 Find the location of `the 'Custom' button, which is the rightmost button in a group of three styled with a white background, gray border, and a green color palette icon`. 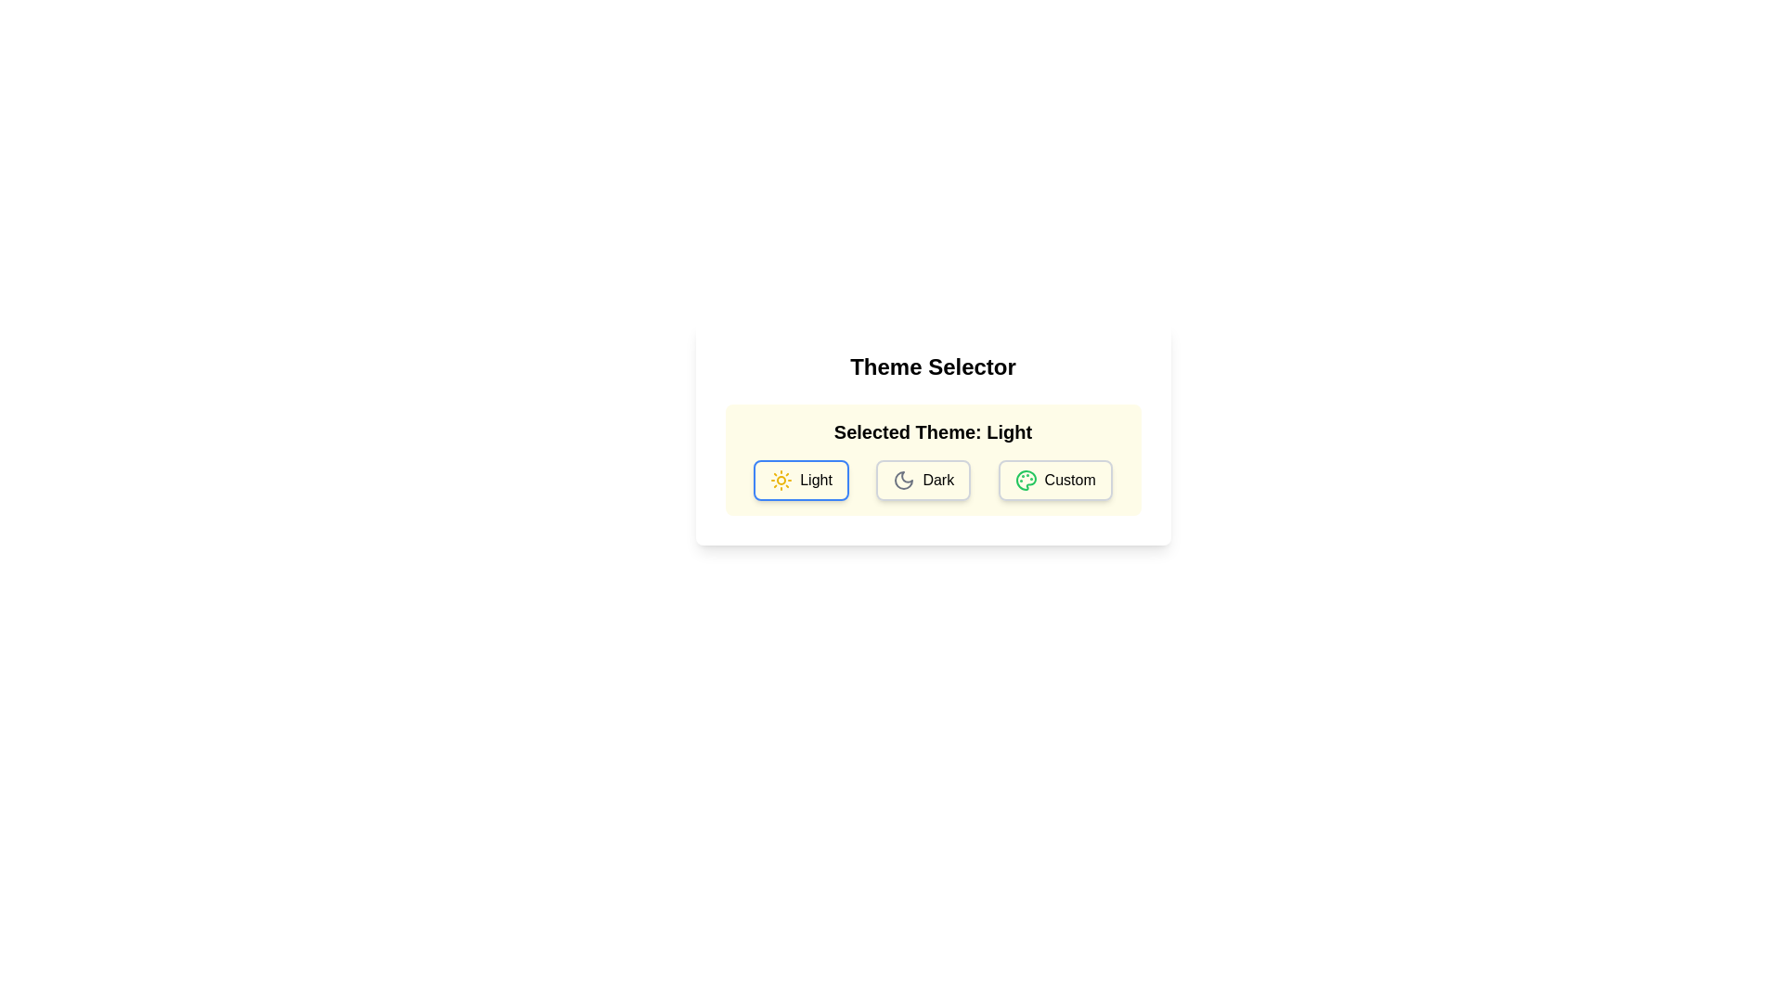

the 'Custom' button, which is the rightmost button in a group of three styled with a white background, gray border, and a green color palette icon is located at coordinates (1055, 479).